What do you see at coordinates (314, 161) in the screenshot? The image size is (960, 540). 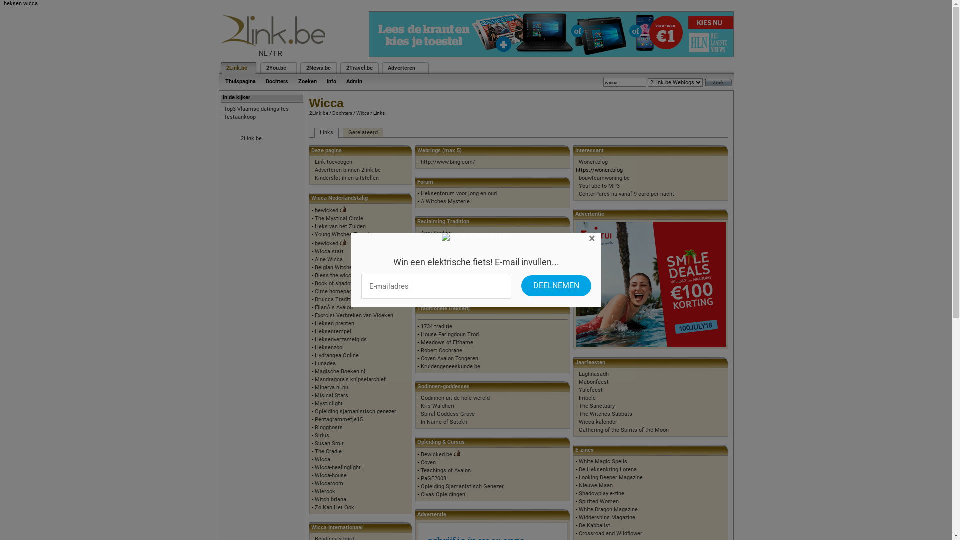 I see `'Link toevoegen'` at bounding box center [314, 161].